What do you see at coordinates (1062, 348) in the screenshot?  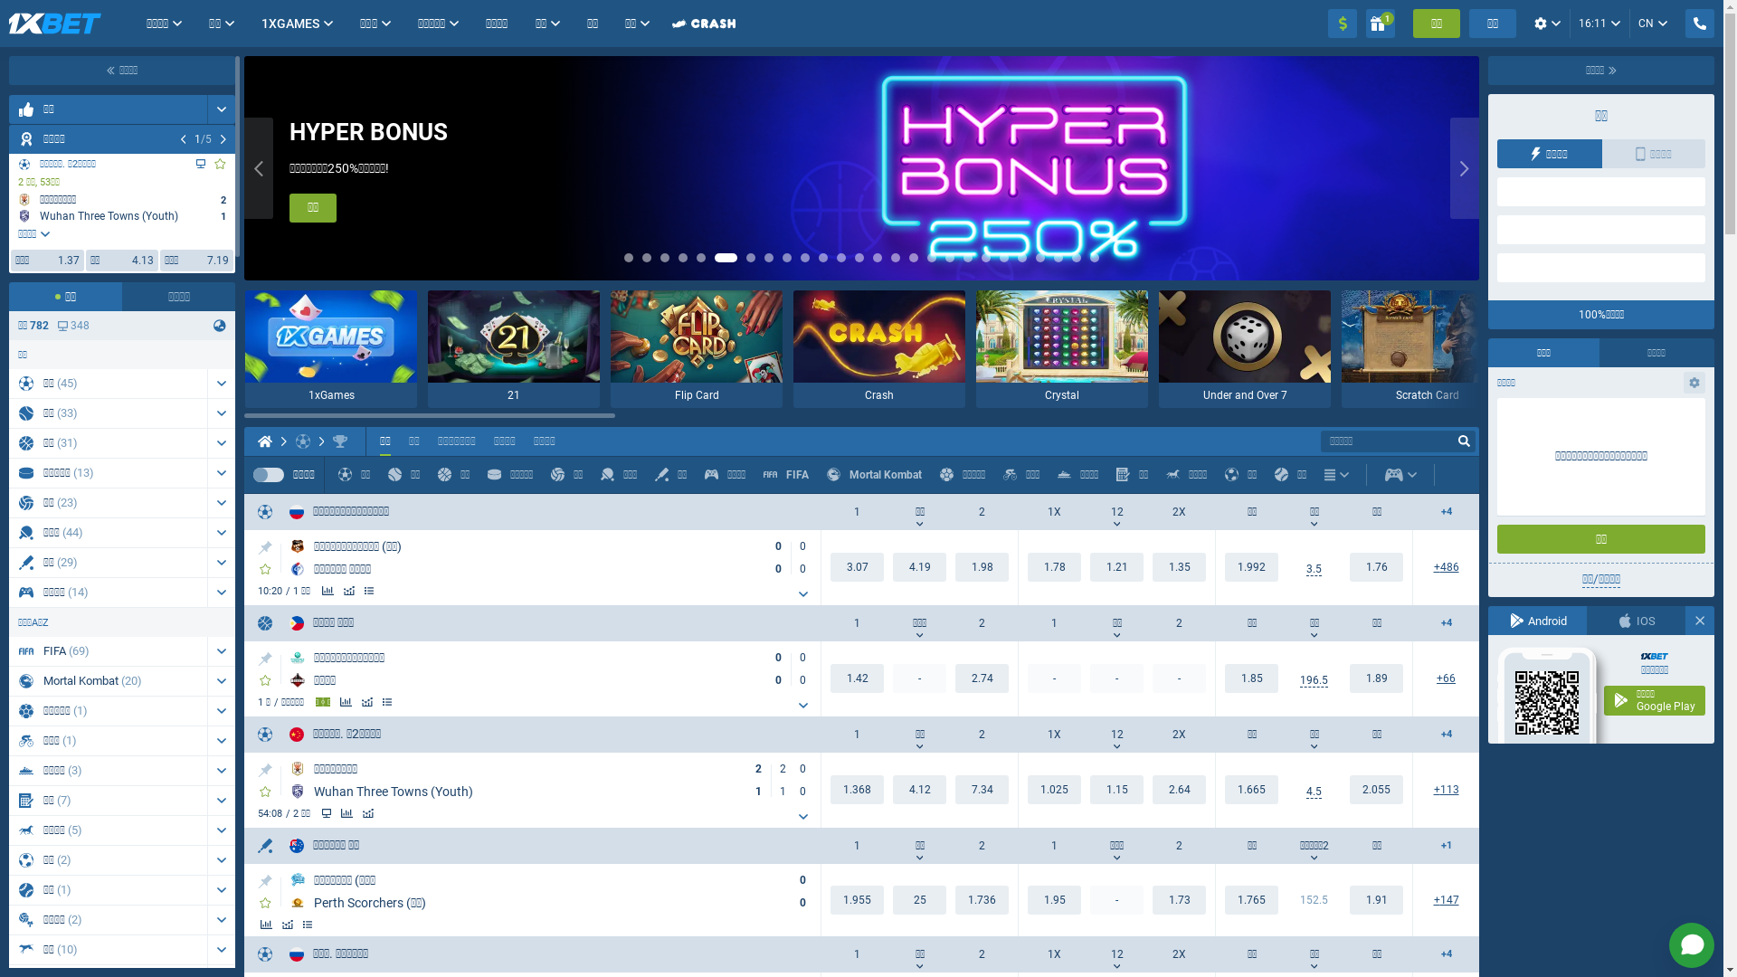 I see `'Crystal'` at bounding box center [1062, 348].